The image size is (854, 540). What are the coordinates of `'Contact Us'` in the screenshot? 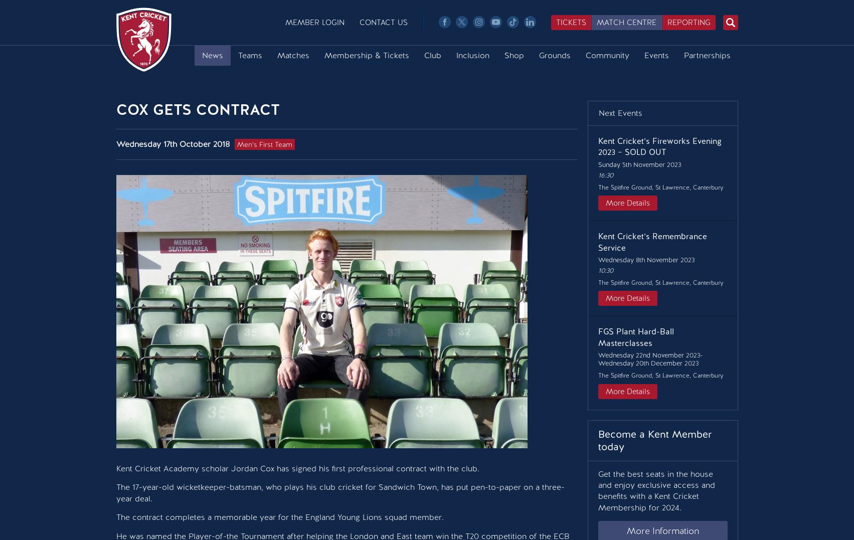 It's located at (383, 23).